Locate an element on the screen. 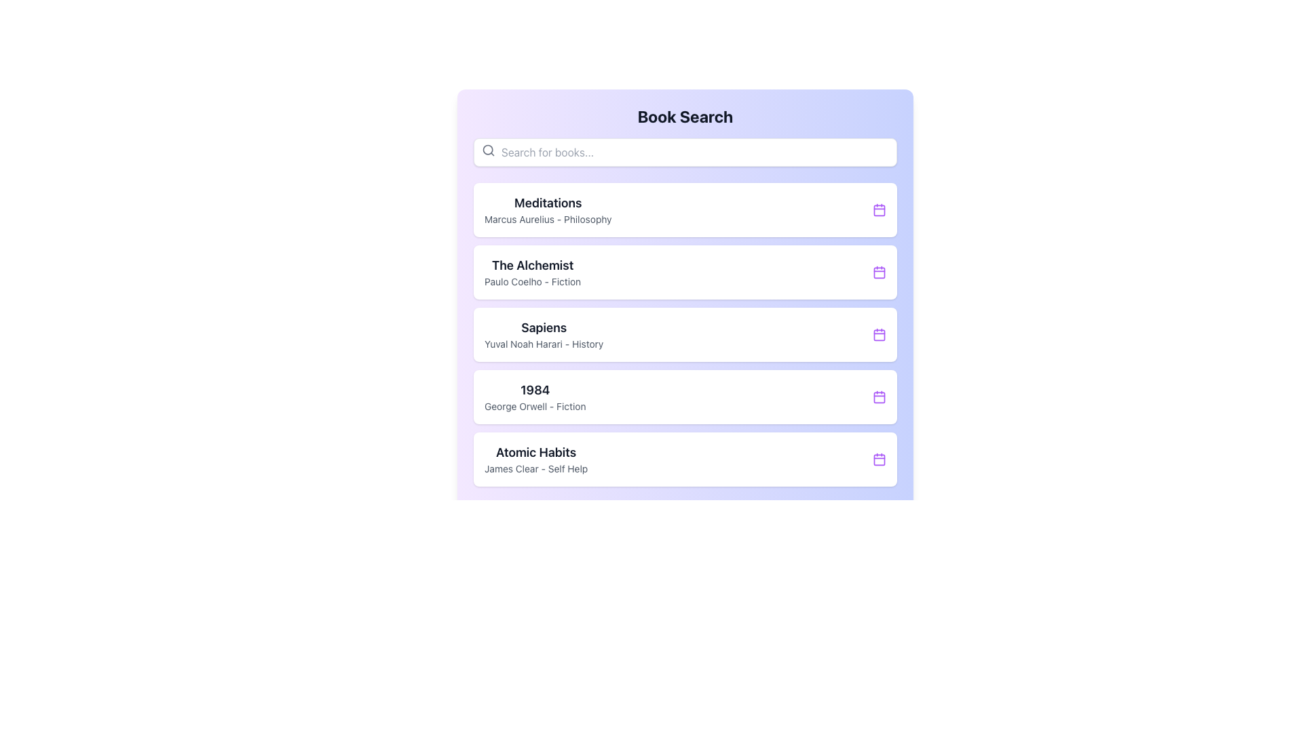 The height and width of the screenshot is (732, 1303). the small rectangular purple calendar icon located beside the 'The Alchemist' book entry is located at coordinates (880, 272).